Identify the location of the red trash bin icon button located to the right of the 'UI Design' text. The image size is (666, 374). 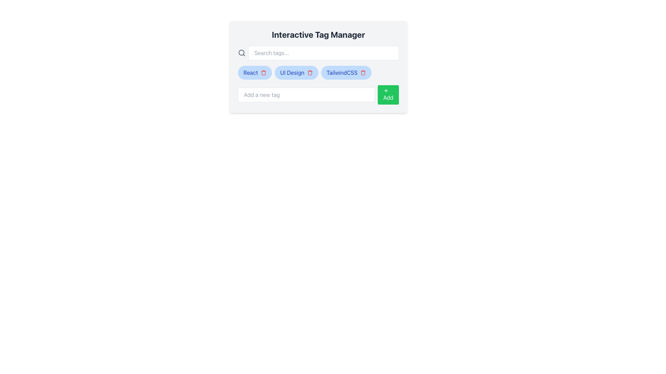
(309, 72).